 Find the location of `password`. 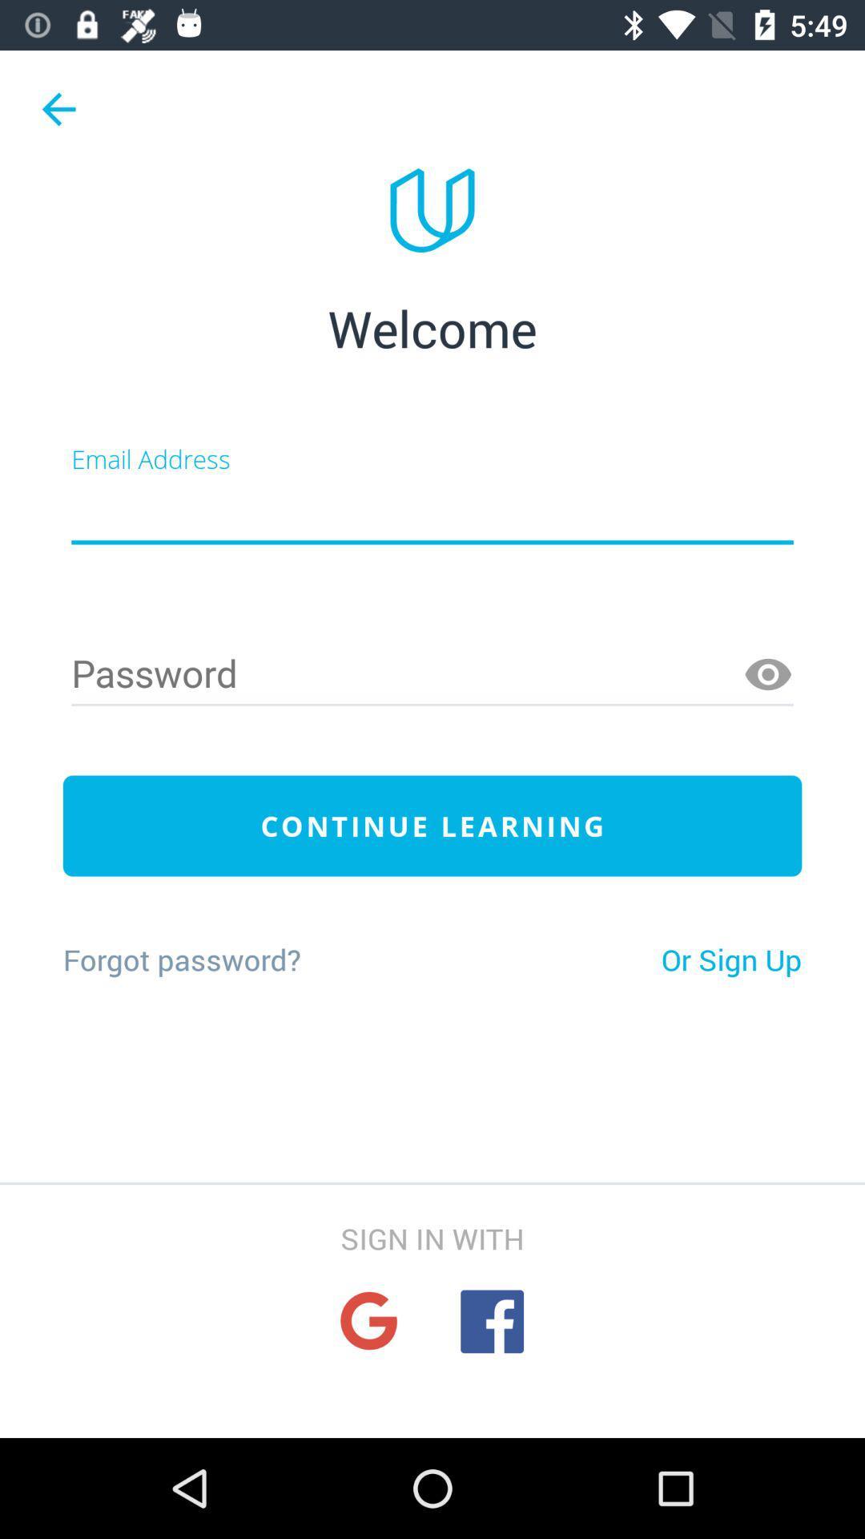

password is located at coordinates (432, 675).